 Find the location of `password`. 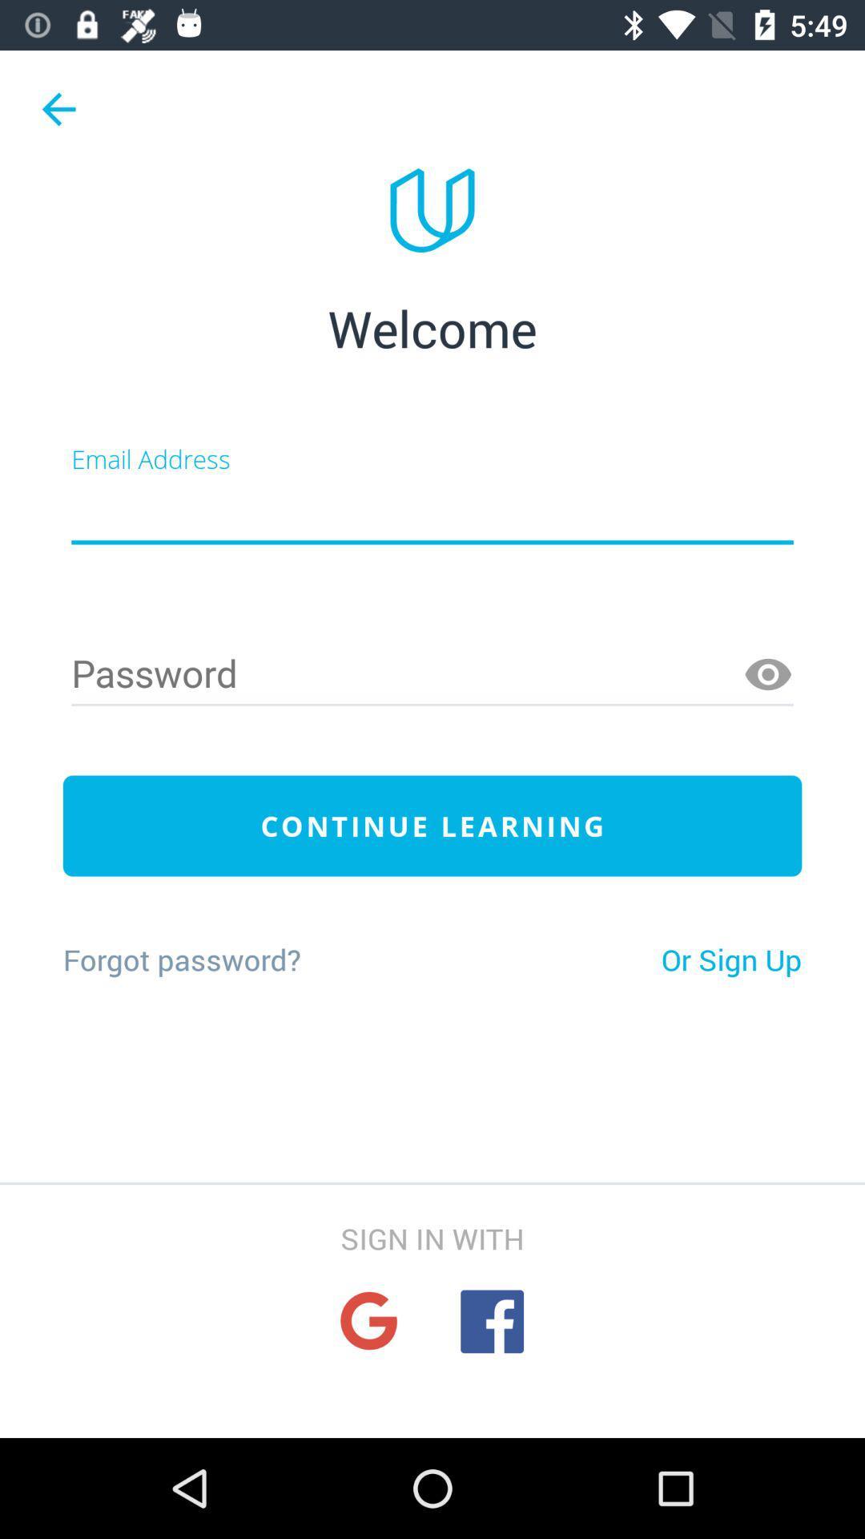

password is located at coordinates (432, 675).